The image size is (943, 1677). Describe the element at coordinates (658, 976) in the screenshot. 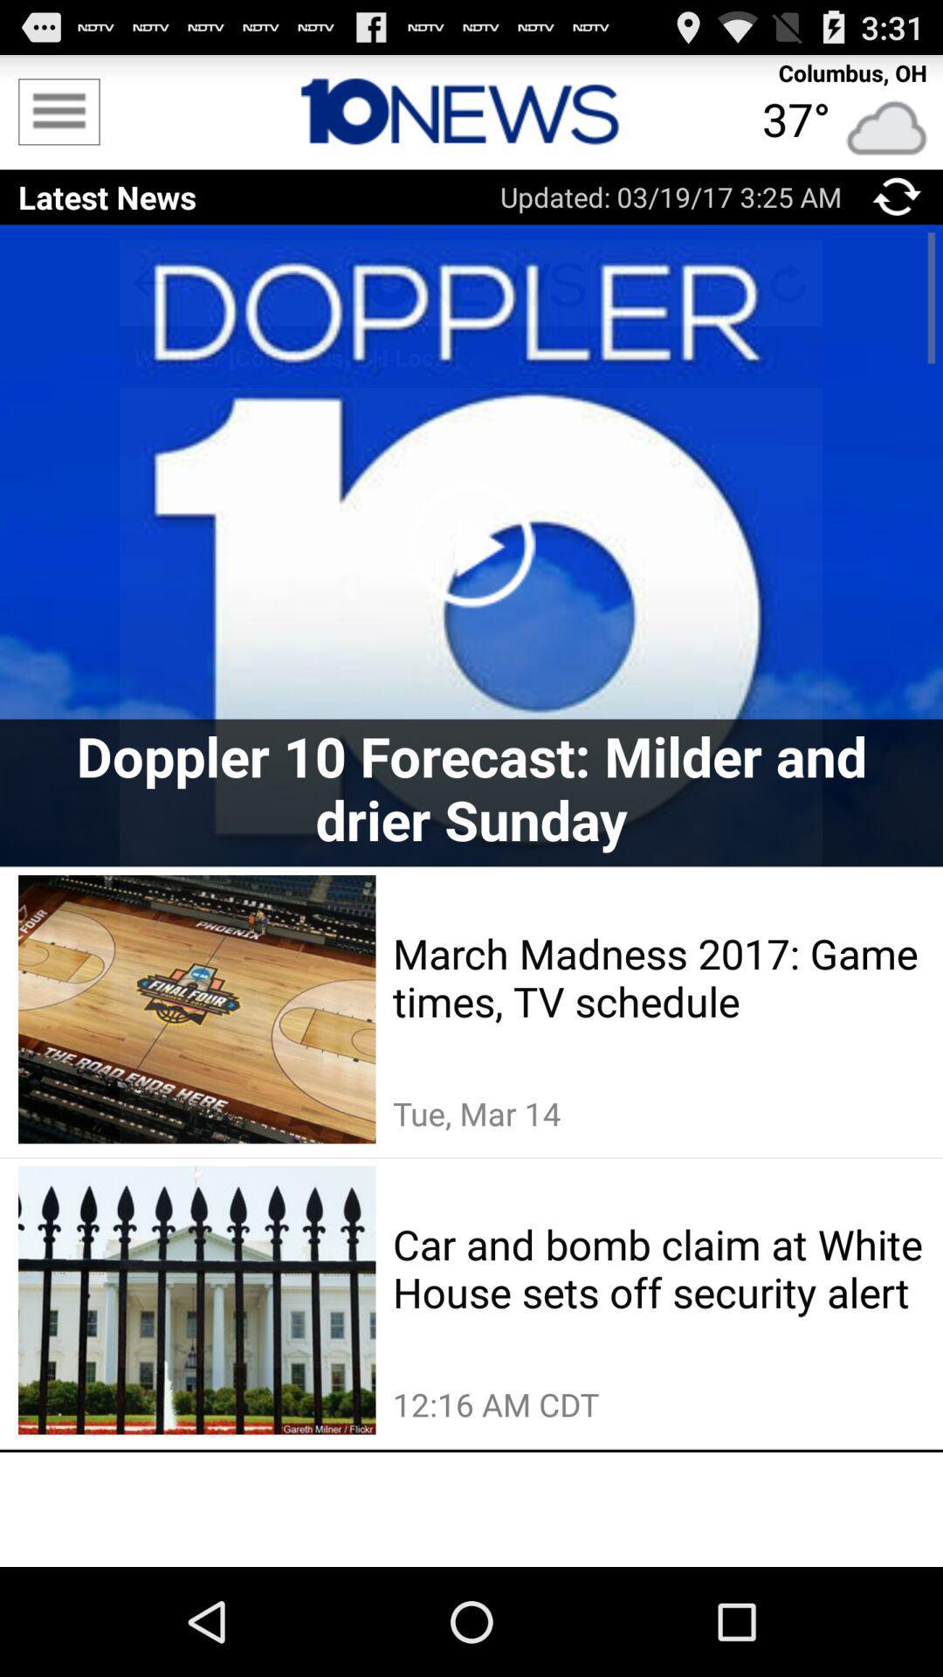

I see `the item above the tue, mar 14 icon` at that location.